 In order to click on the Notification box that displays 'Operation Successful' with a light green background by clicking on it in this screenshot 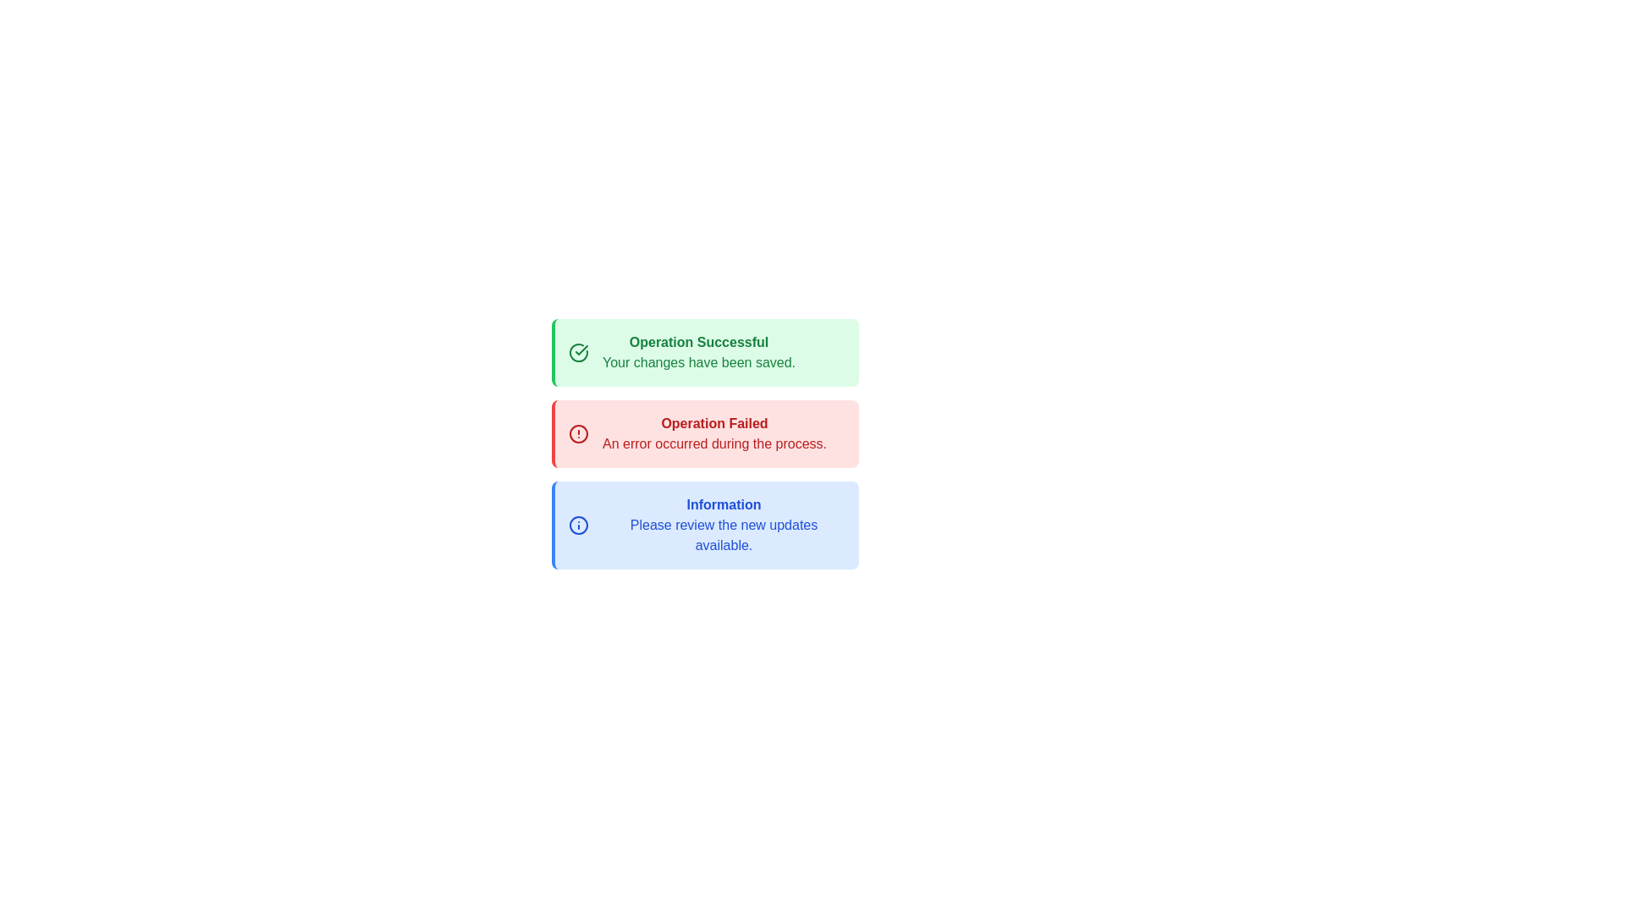, I will do `click(698, 351)`.